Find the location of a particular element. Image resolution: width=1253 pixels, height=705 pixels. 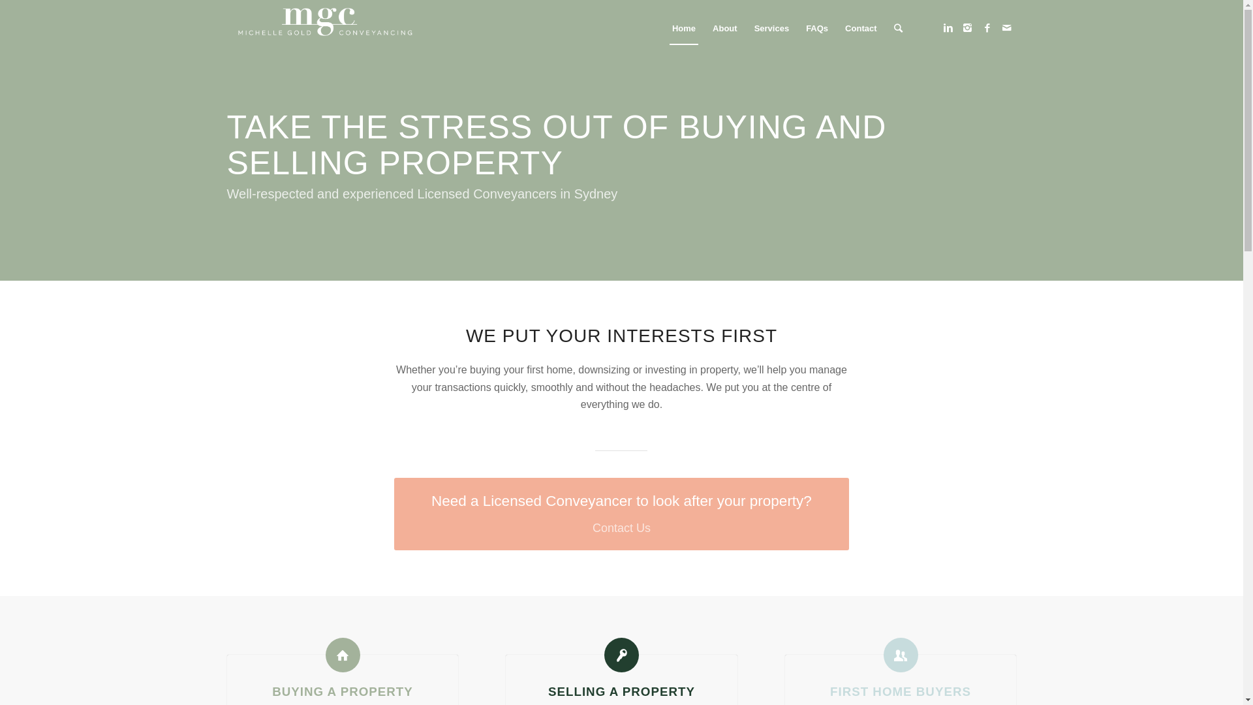

'Linkedin' is located at coordinates (948, 27).